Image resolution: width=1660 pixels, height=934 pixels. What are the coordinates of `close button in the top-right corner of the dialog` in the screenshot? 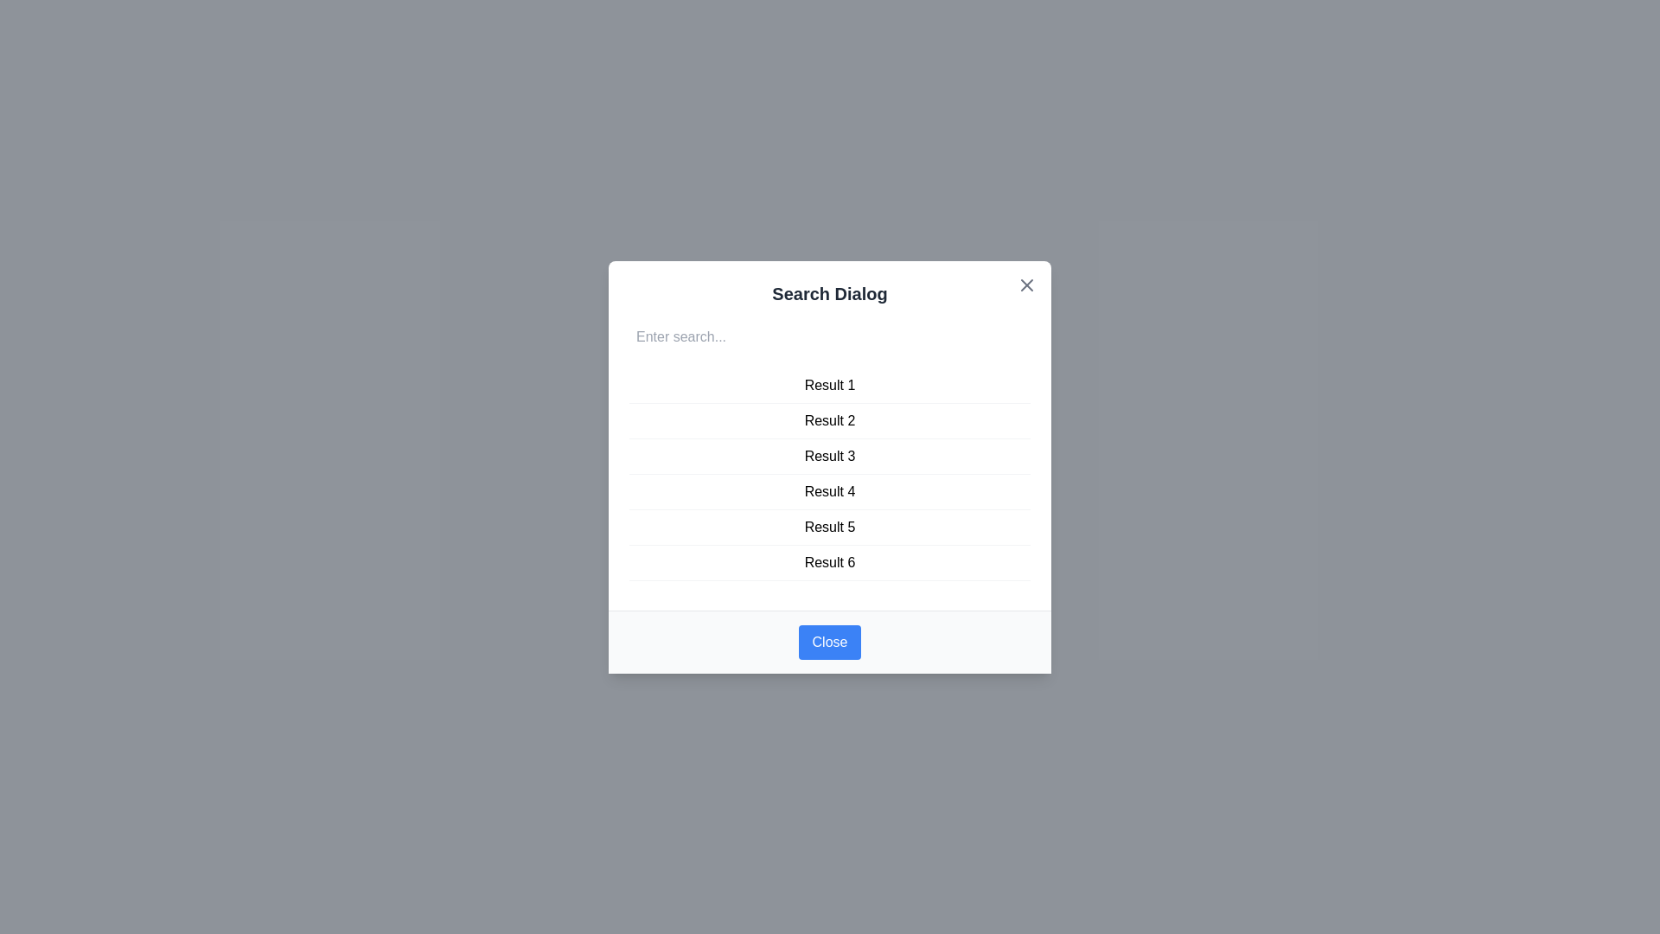 It's located at (1027, 284).